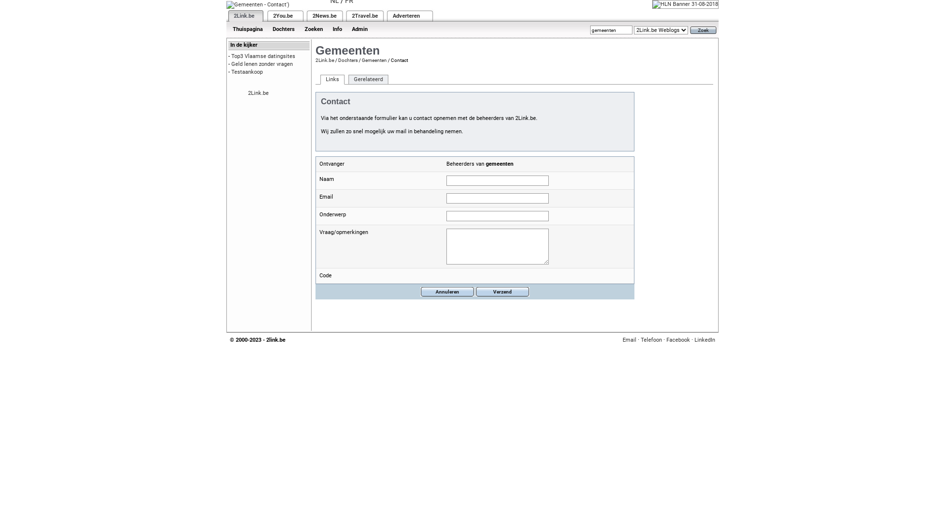  I want to click on 'Links', so click(332, 79).